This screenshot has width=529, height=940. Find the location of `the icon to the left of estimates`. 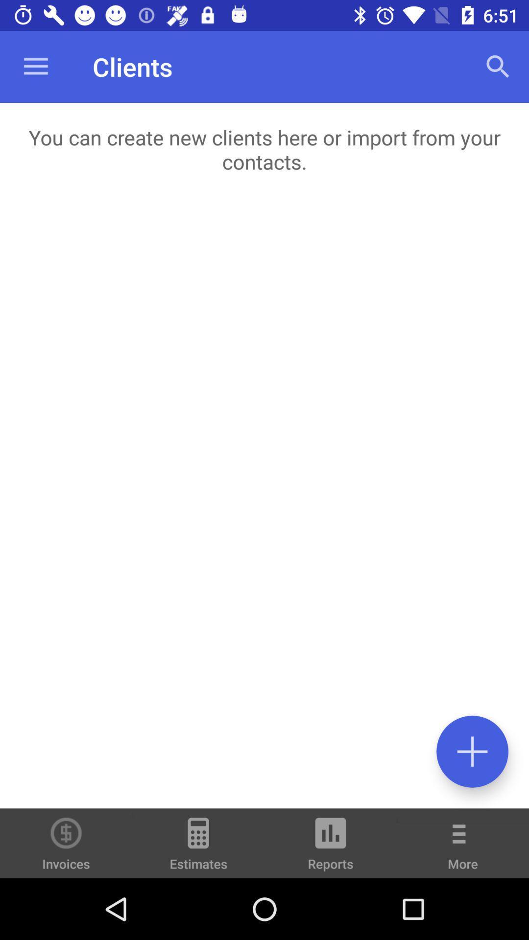

the icon to the left of estimates is located at coordinates (66, 843).